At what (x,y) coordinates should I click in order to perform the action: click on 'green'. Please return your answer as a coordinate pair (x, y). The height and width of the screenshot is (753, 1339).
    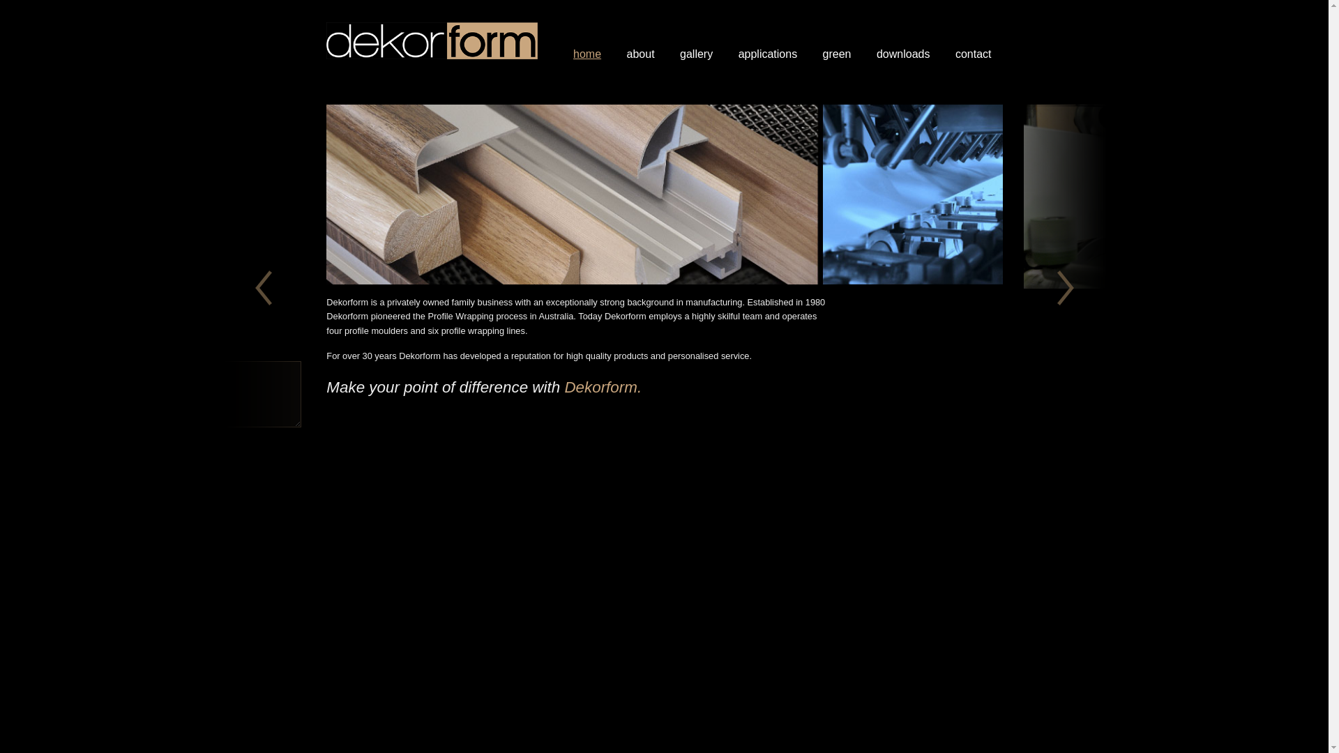
    Looking at the image, I should click on (837, 40).